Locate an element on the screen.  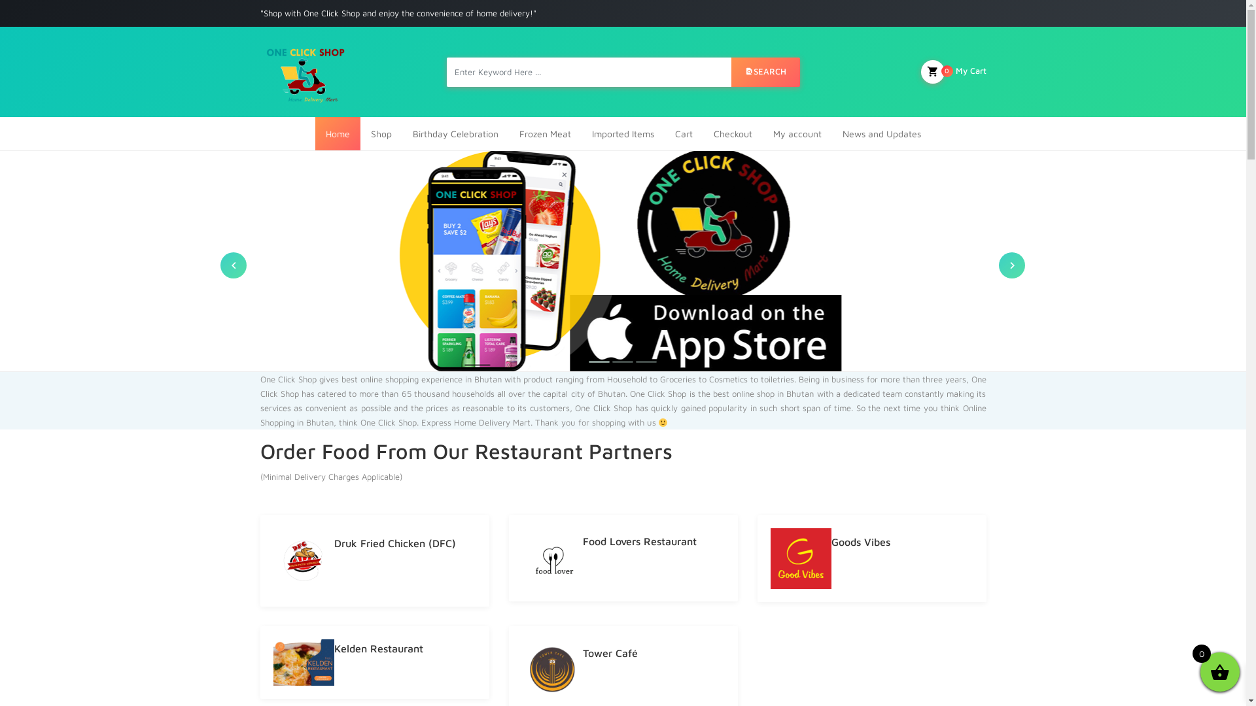
'Cart' is located at coordinates (665, 133).